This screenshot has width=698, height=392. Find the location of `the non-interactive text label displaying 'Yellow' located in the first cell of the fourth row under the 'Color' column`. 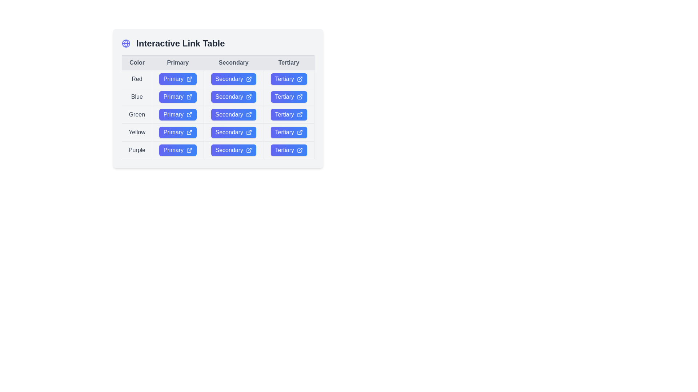

the non-interactive text label displaying 'Yellow' located in the first cell of the fourth row under the 'Color' column is located at coordinates (137, 132).